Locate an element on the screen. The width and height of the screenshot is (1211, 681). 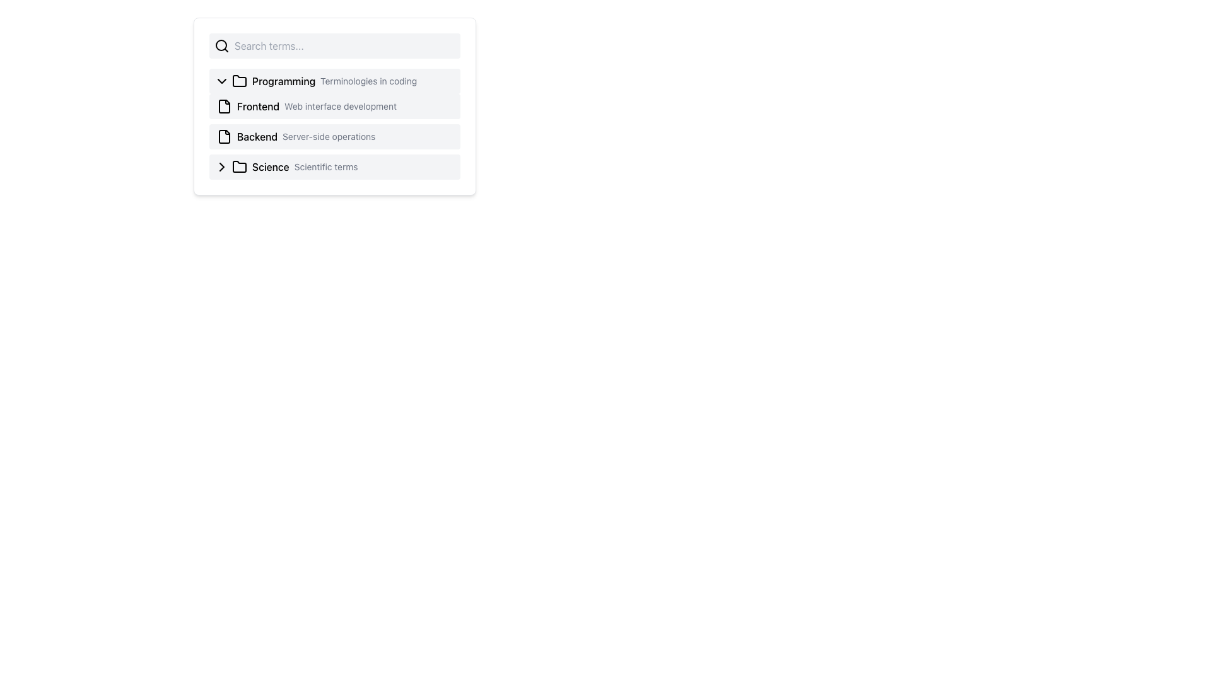
the non-interactive icon representing a file or document related to the 'Frontend' category, located to the left of the label 'Frontend Web interface development' is located at coordinates (224, 106).